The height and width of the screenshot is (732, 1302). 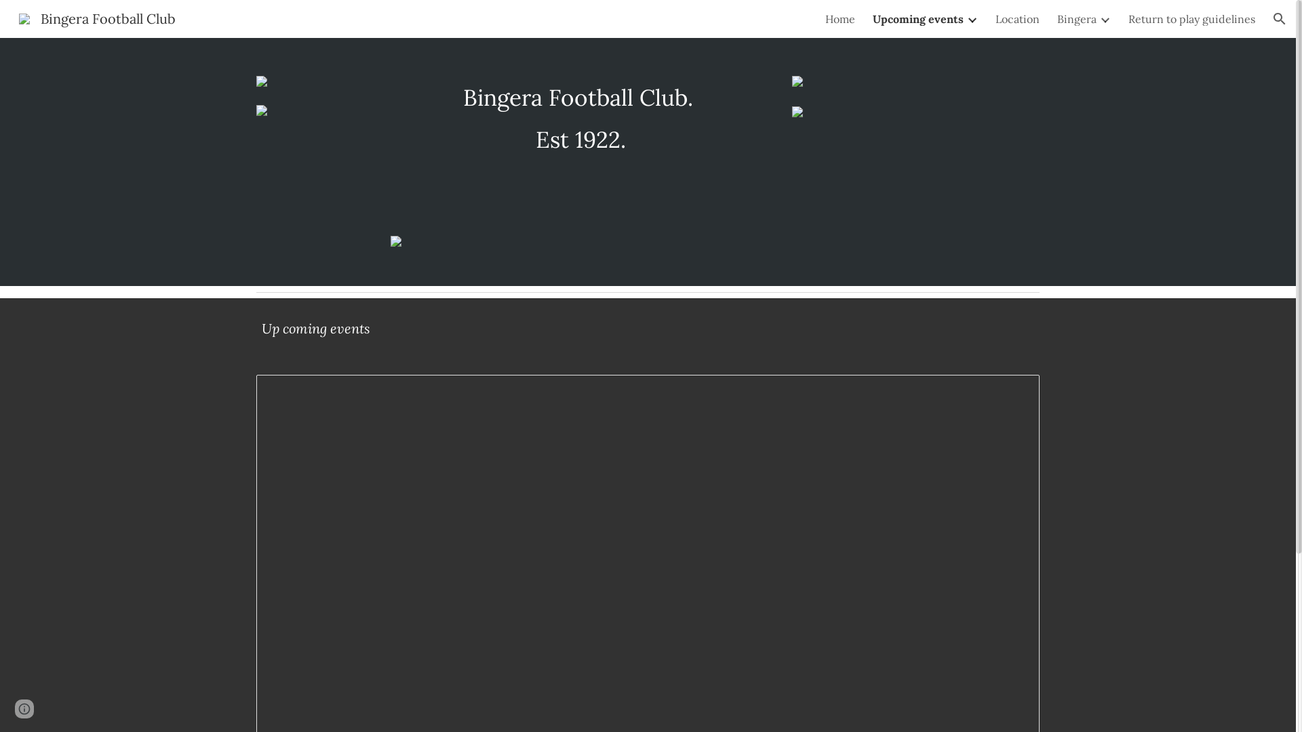 What do you see at coordinates (839, 18) in the screenshot?
I see `'Home'` at bounding box center [839, 18].